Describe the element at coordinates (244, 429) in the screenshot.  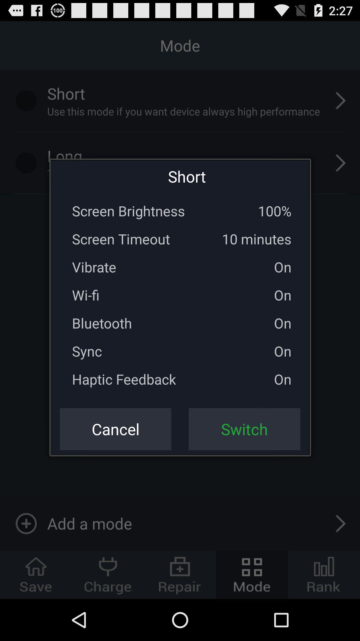
I see `icon below on icon` at that location.